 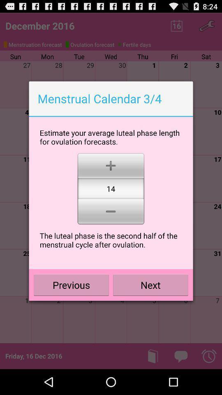 What do you see at coordinates (111, 165) in the screenshot?
I see `the item below estimate your average icon` at bounding box center [111, 165].